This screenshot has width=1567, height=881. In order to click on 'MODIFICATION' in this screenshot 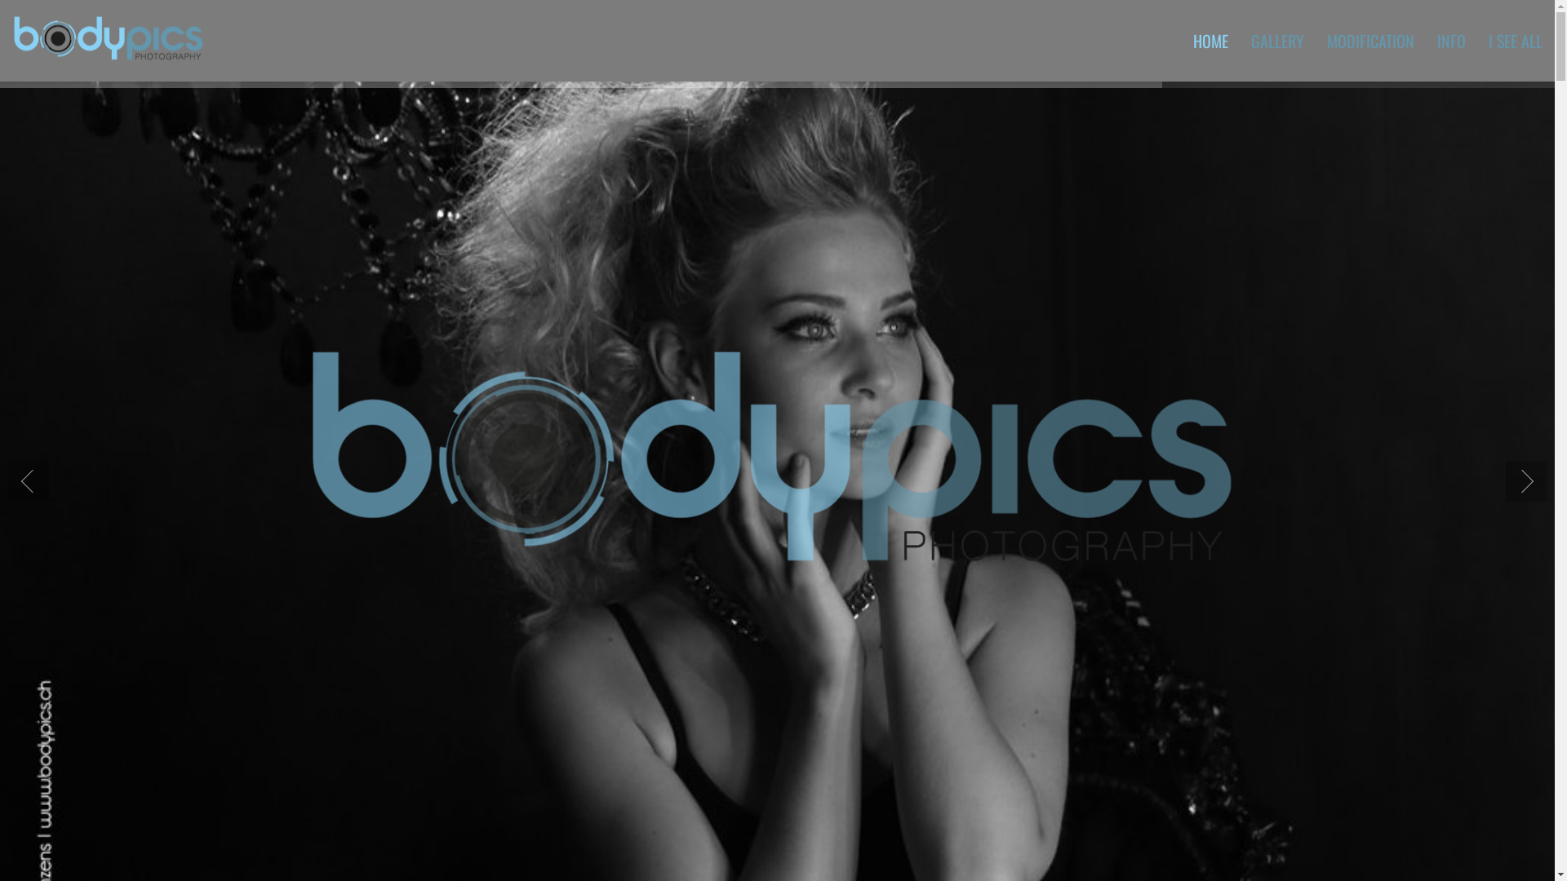, I will do `click(1370, 40)`.